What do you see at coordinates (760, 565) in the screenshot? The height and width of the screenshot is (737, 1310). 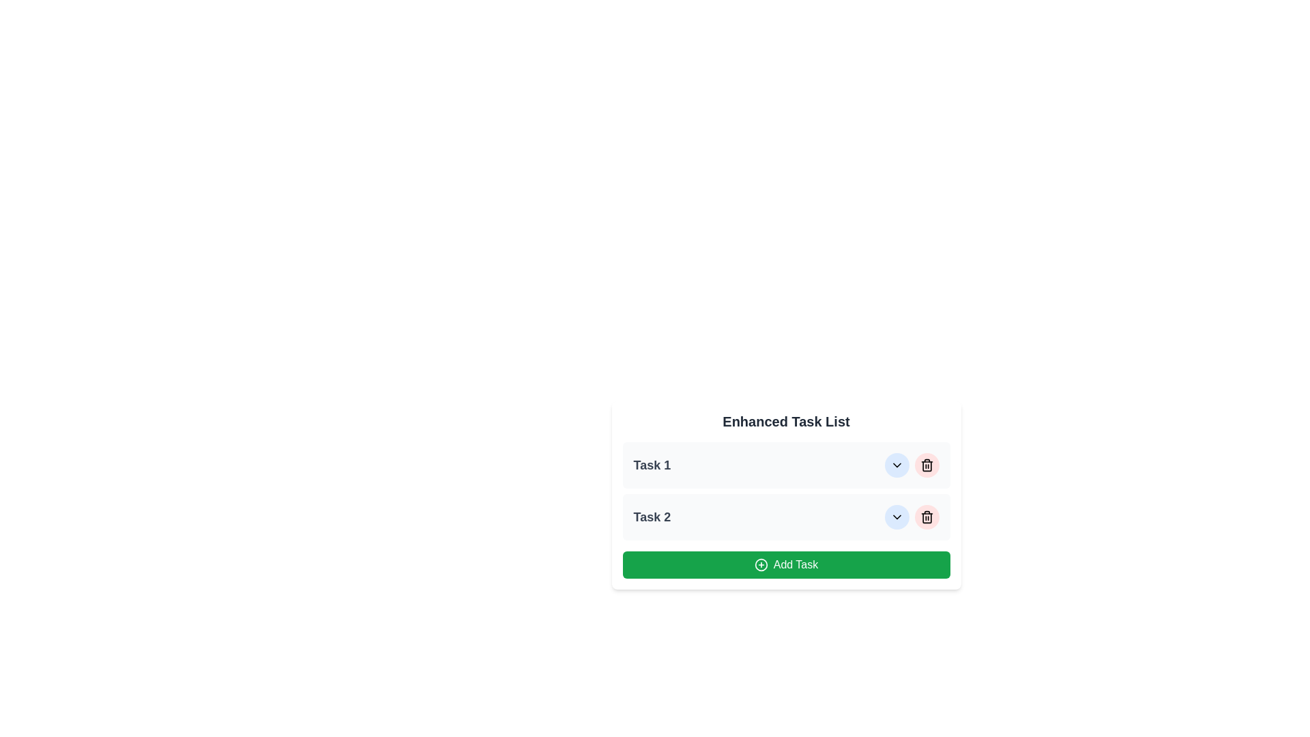 I see `the circular icon with a plus symbol, which is part of the 'Add Task' button located at the bottom center of the interface` at bounding box center [760, 565].